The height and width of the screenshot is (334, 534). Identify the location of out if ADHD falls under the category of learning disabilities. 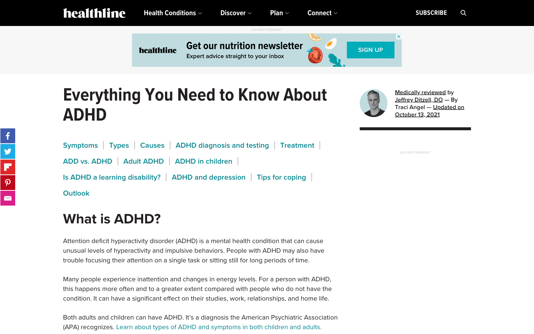
(112, 177).